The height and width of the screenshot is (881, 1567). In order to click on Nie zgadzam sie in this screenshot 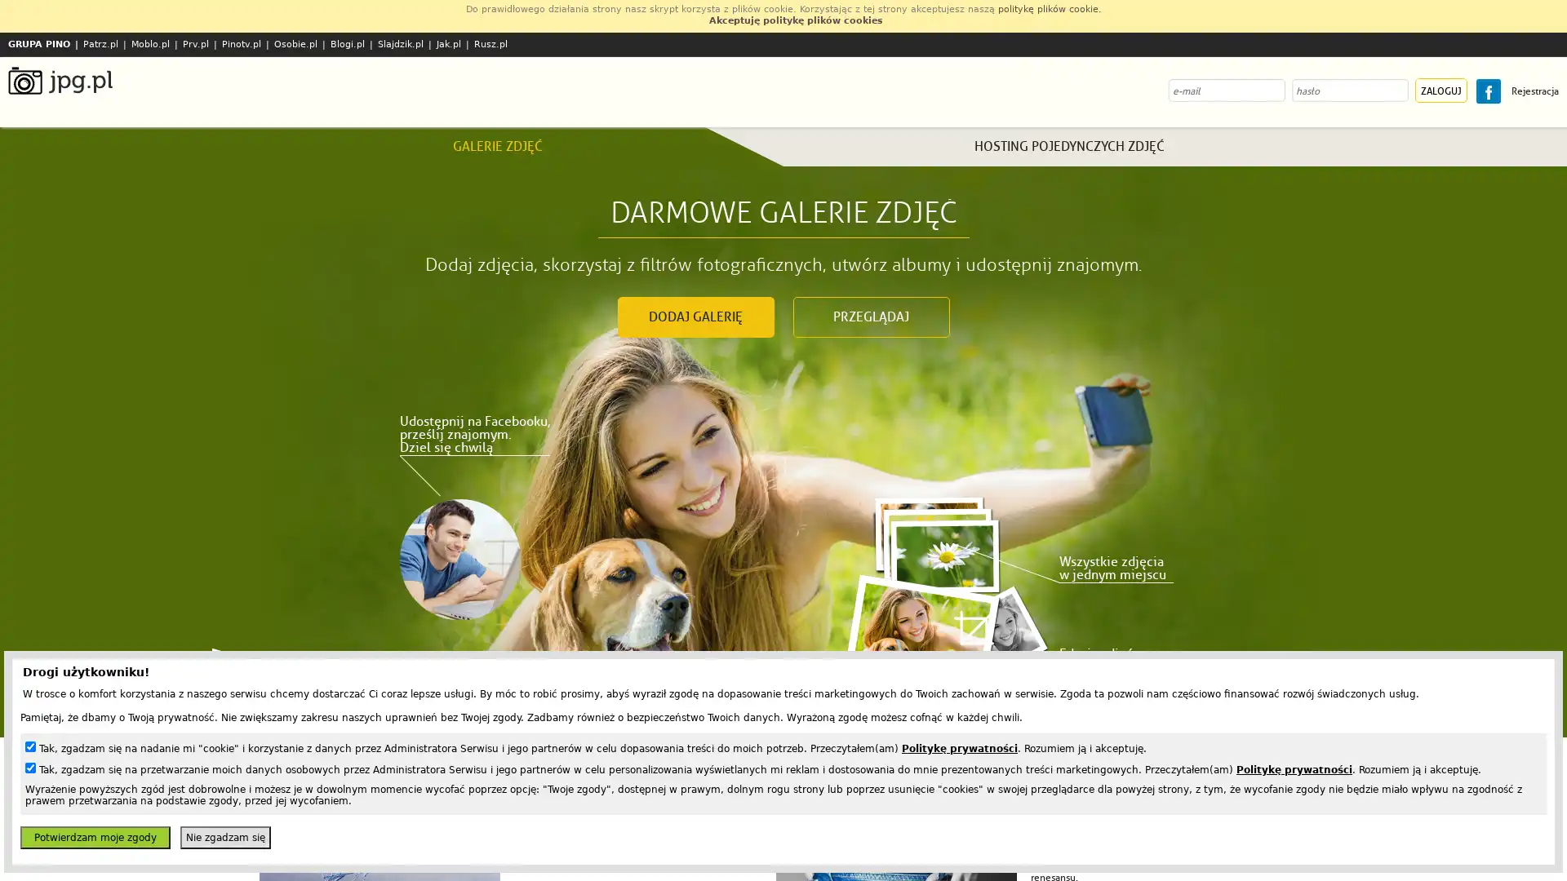, I will do `click(224, 837)`.